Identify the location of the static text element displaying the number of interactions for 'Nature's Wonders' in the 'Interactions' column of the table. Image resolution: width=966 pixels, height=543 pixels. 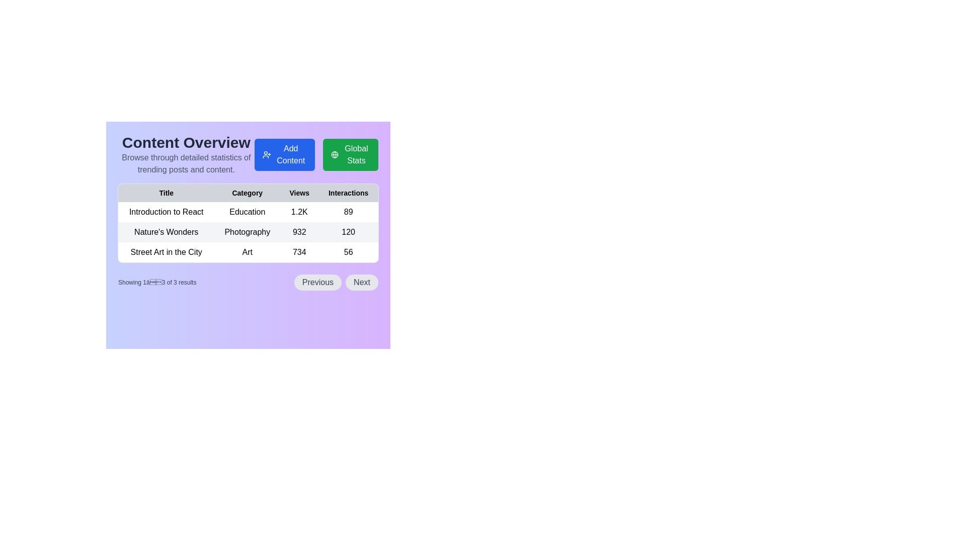
(348, 232).